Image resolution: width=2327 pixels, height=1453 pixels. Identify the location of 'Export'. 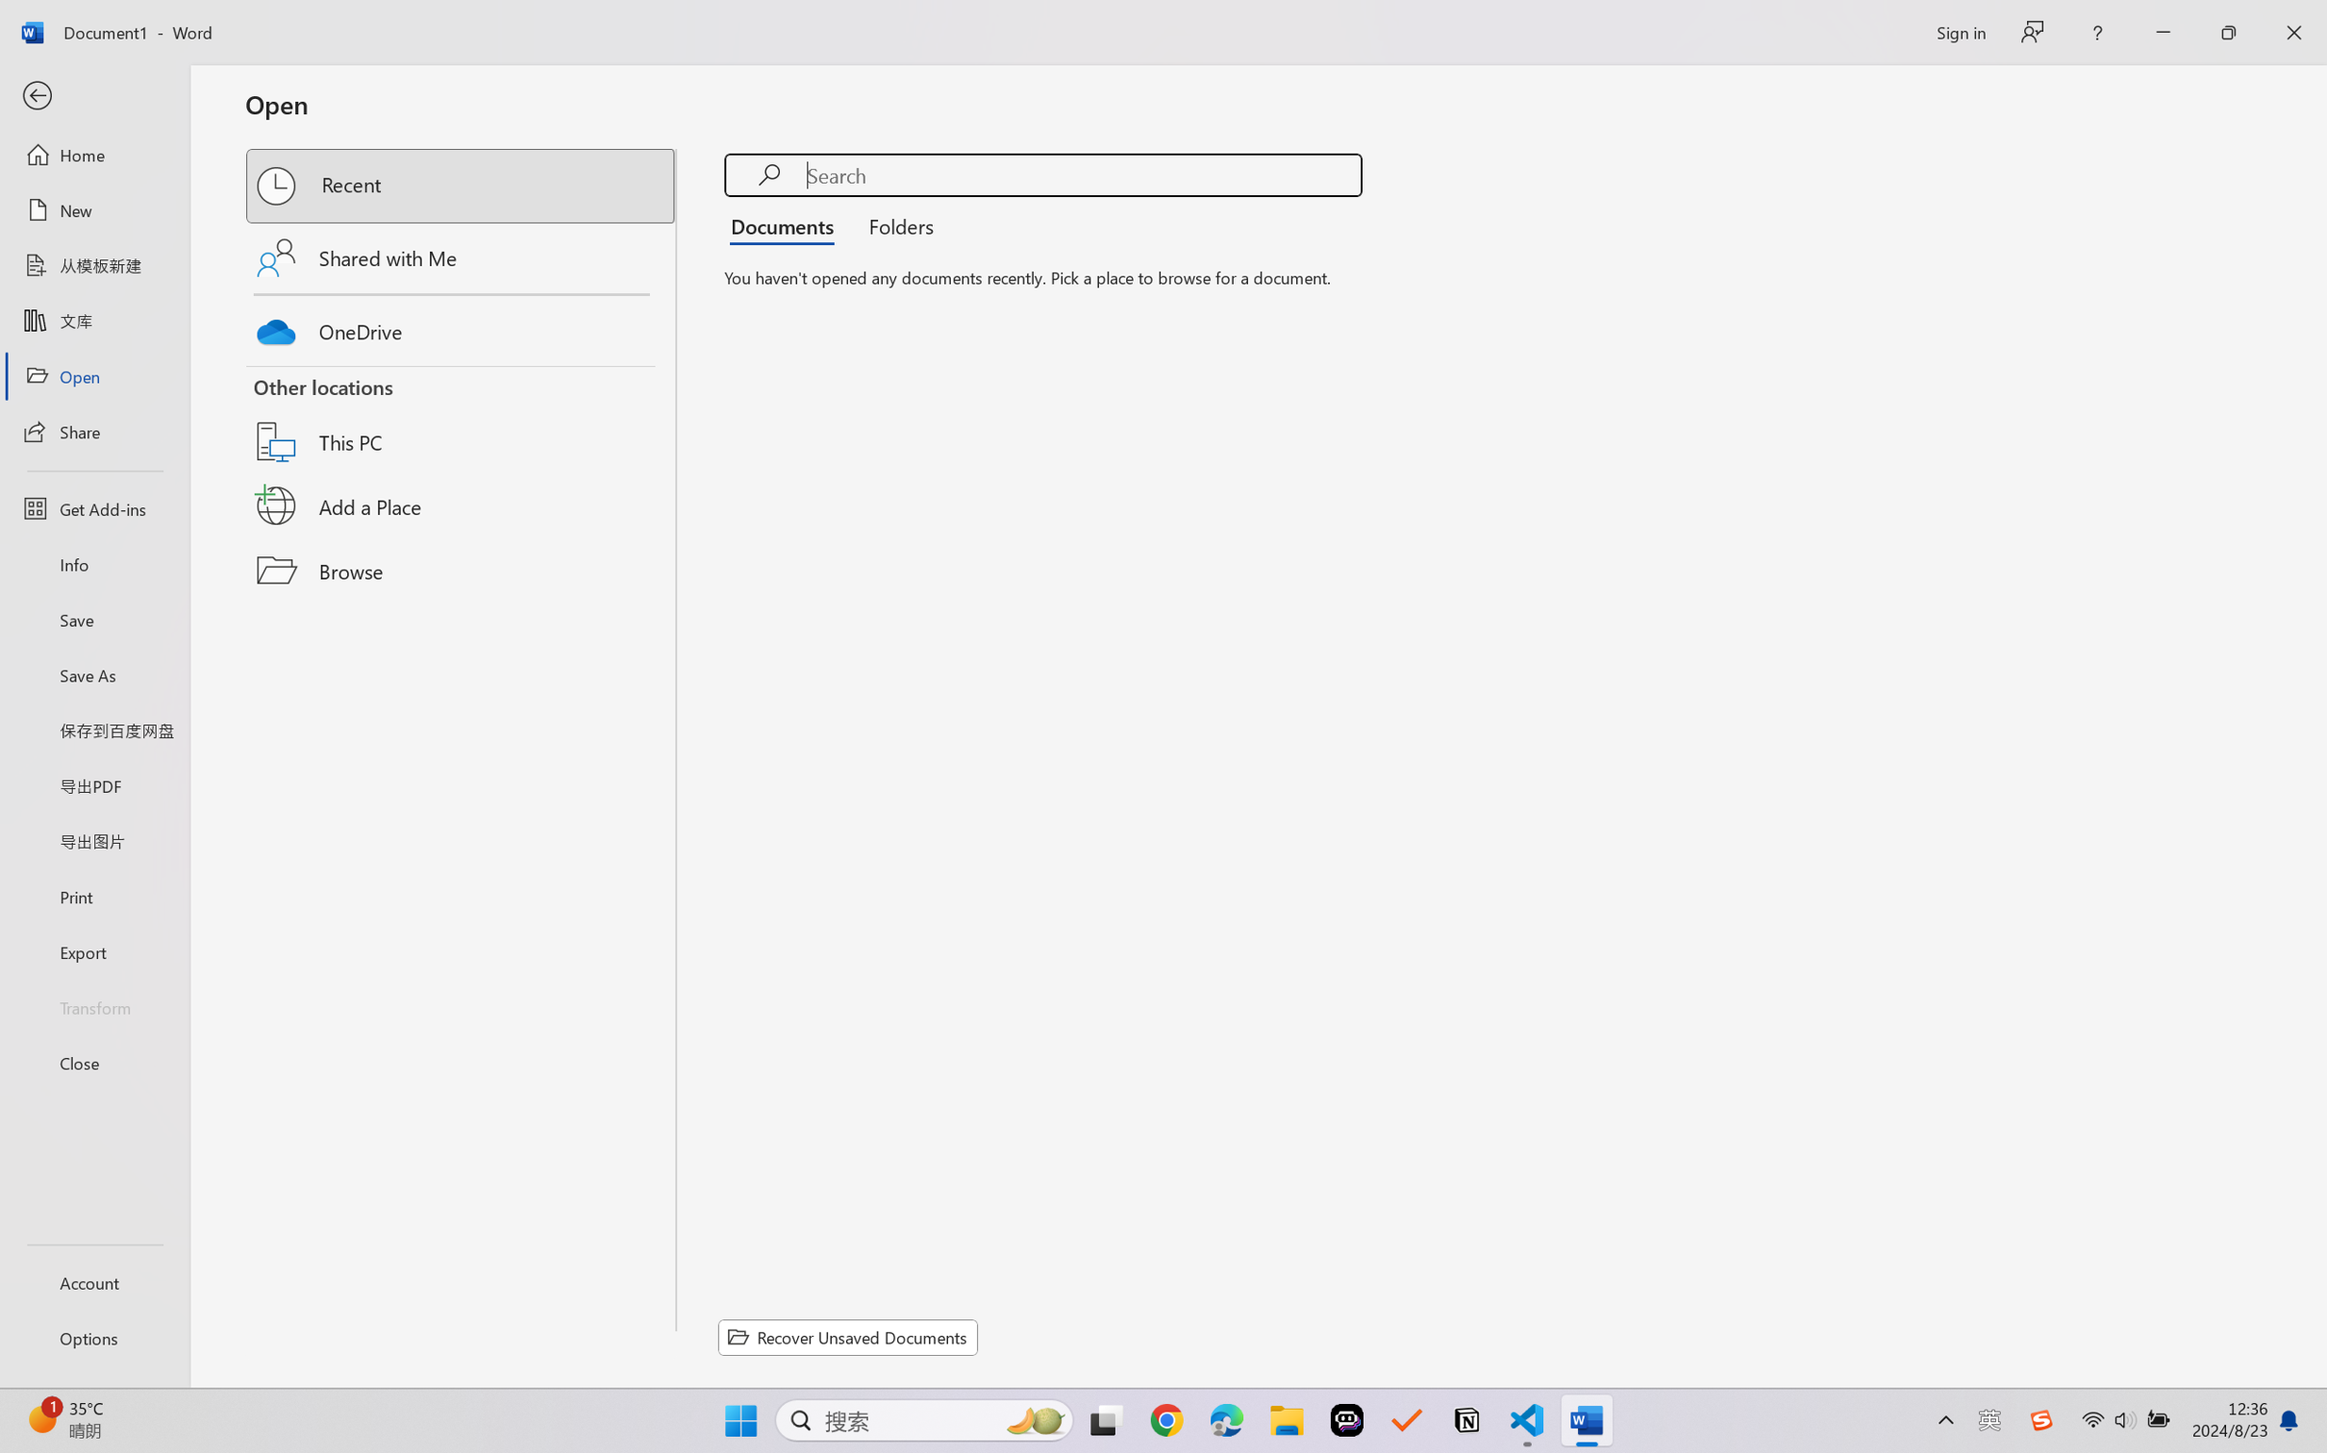
(93, 950).